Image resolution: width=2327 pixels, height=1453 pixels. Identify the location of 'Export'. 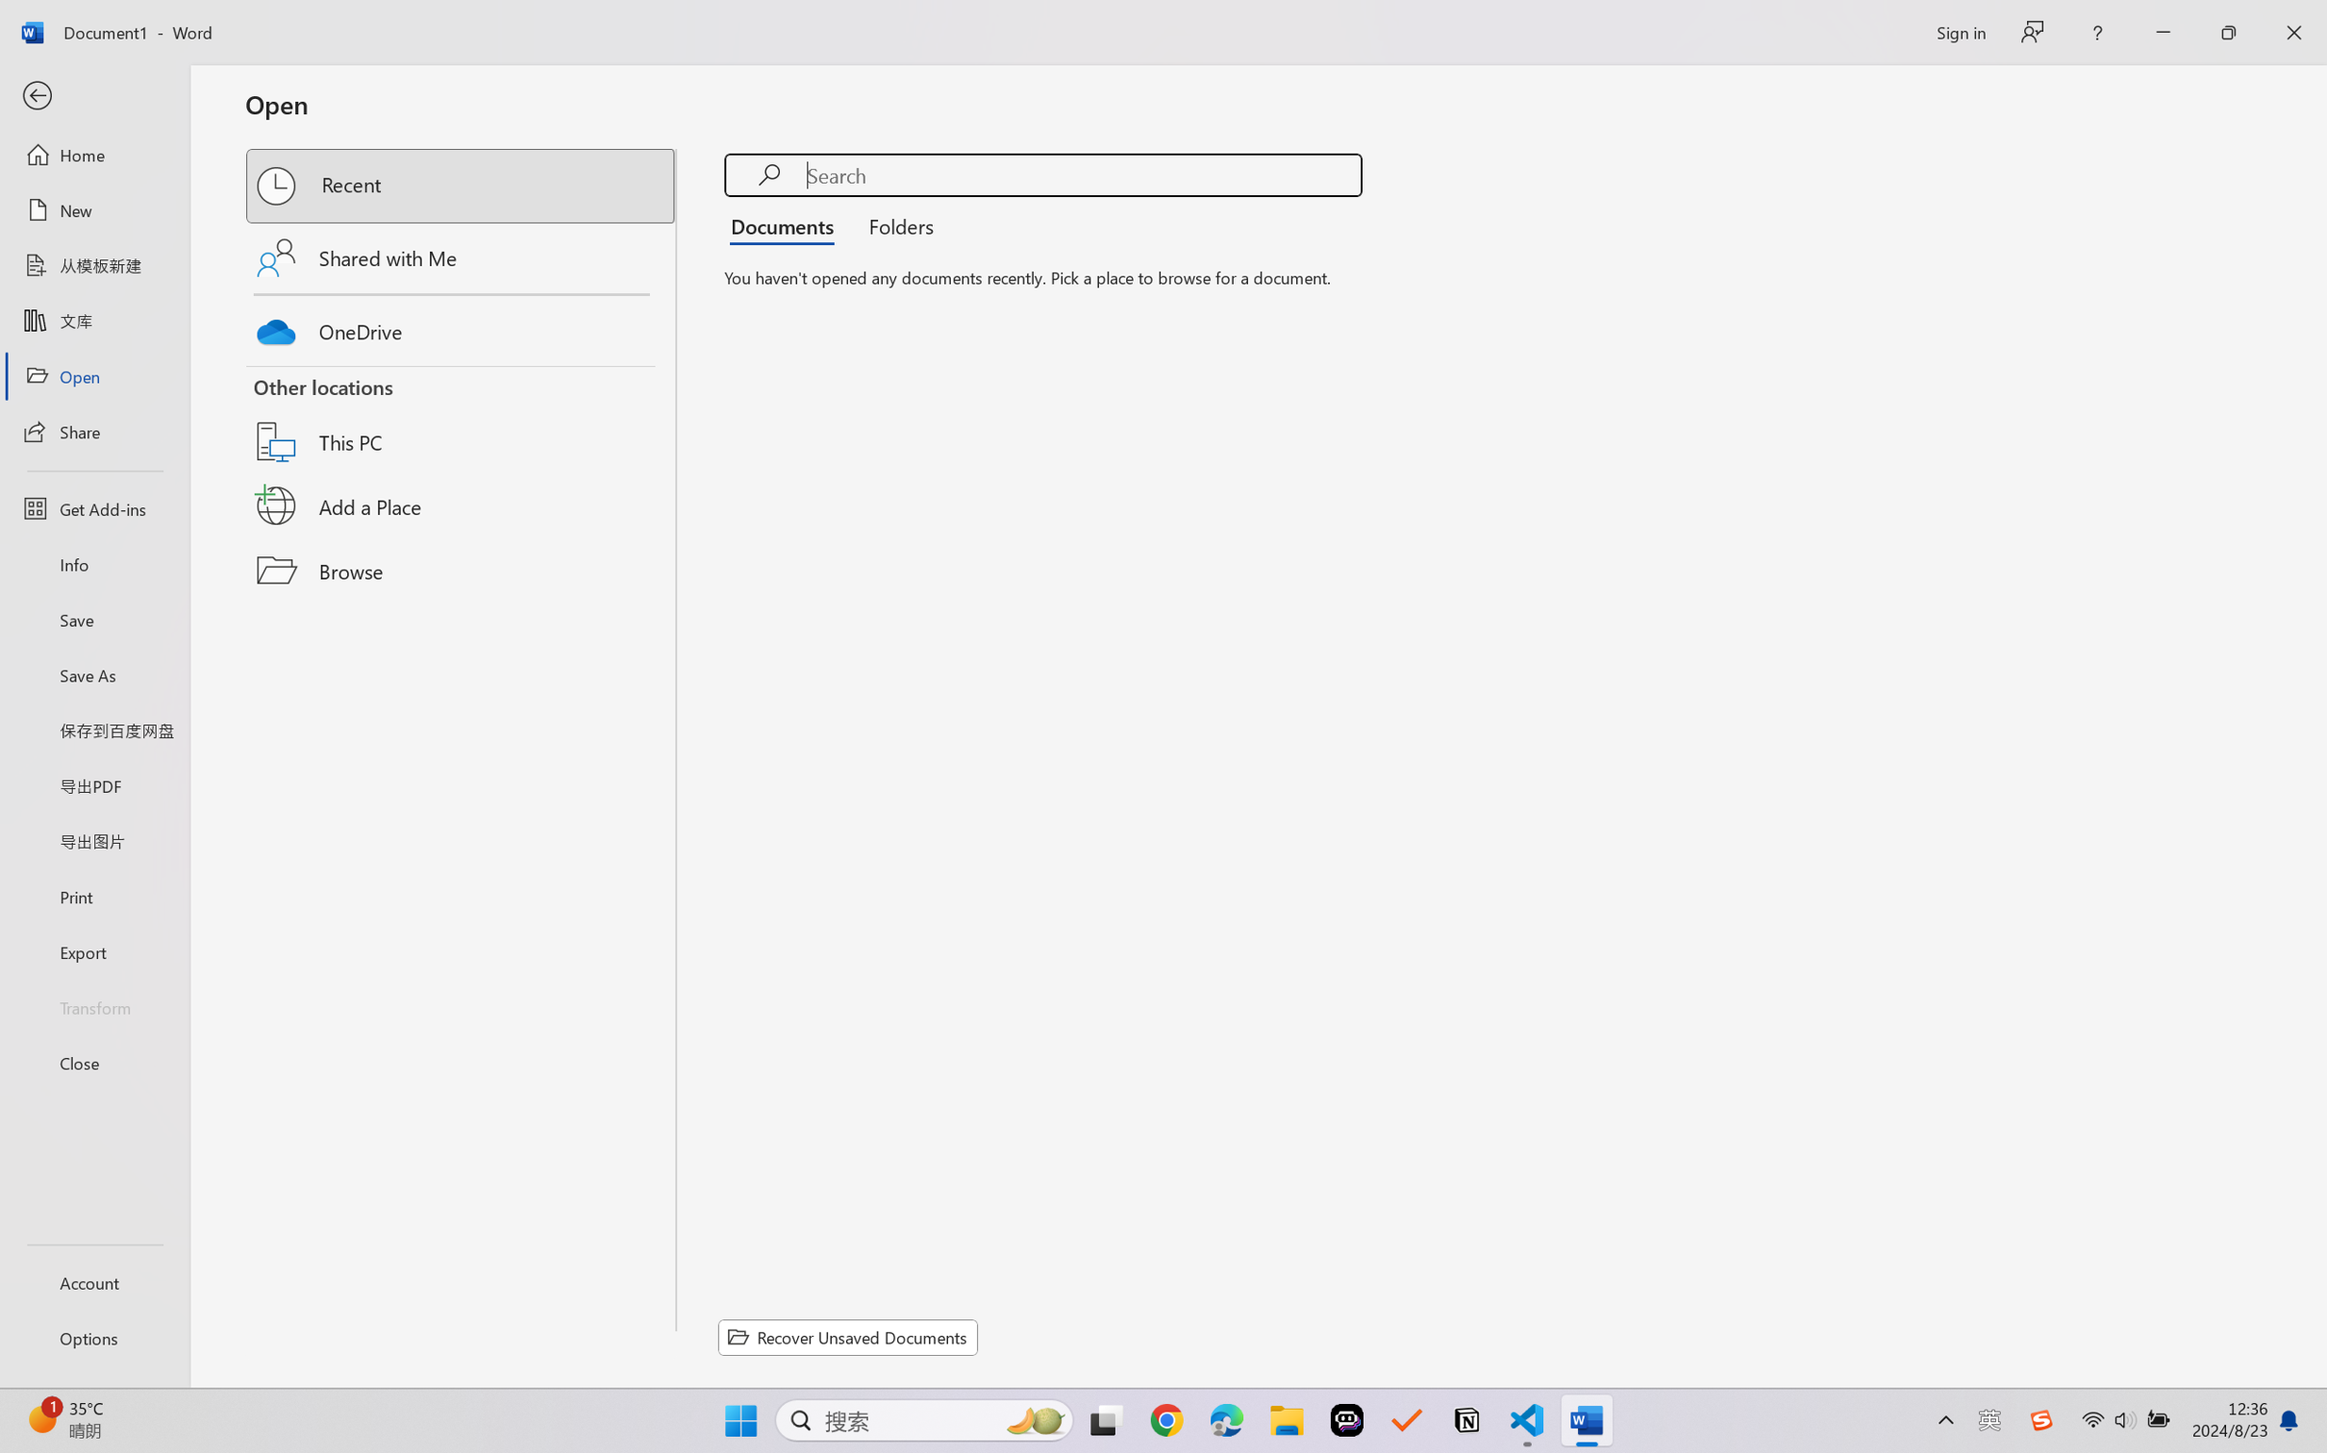
(93, 950).